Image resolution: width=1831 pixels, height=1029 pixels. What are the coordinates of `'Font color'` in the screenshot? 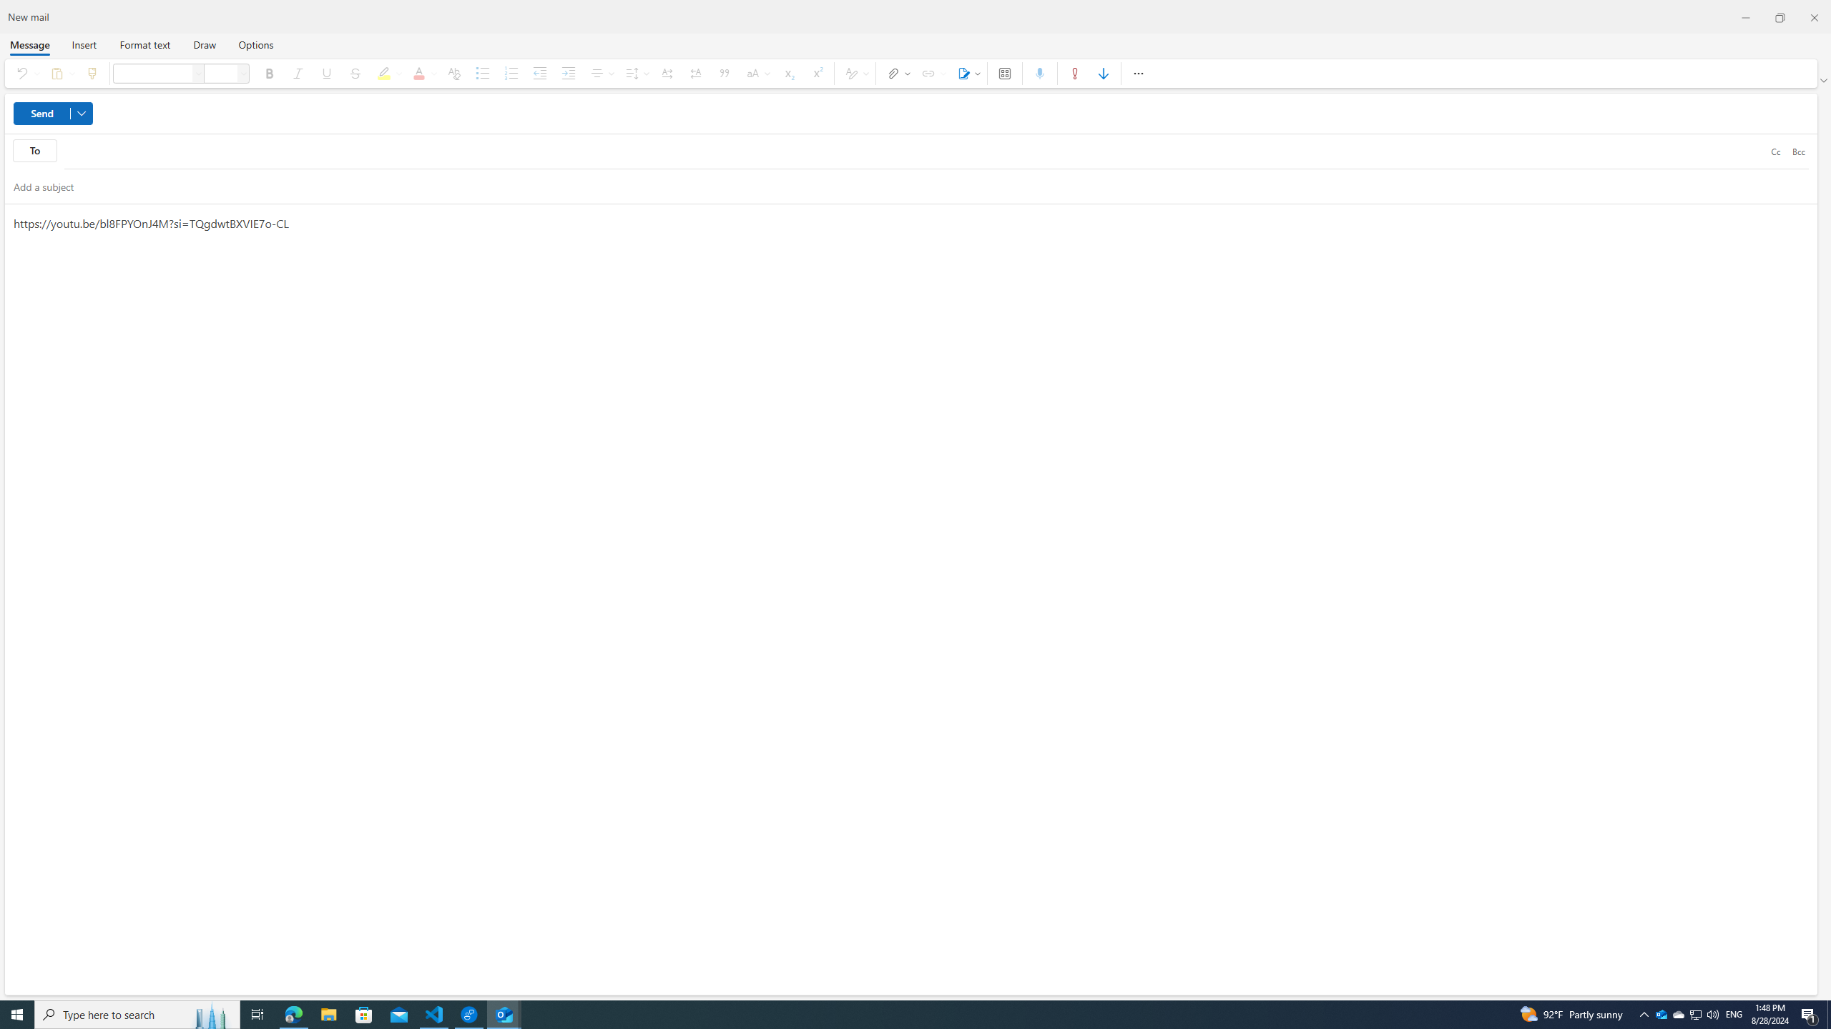 It's located at (422, 73).